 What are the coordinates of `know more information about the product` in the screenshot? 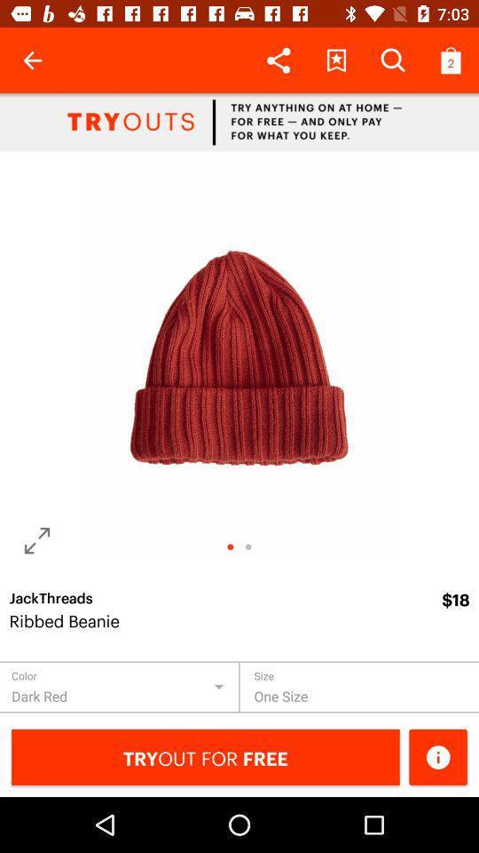 It's located at (437, 756).